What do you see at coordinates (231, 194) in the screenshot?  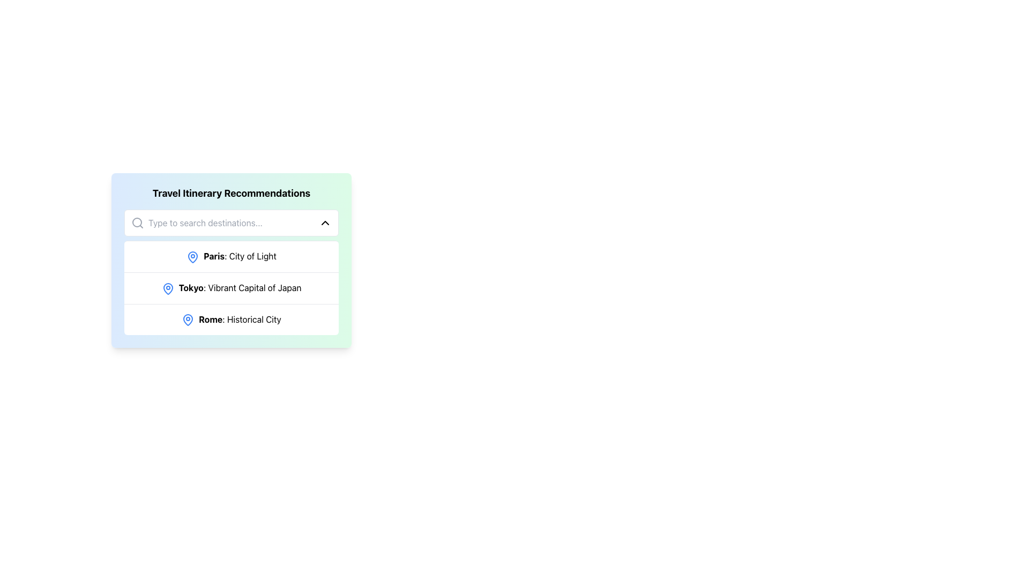 I see `the heading text` at bounding box center [231, 194].